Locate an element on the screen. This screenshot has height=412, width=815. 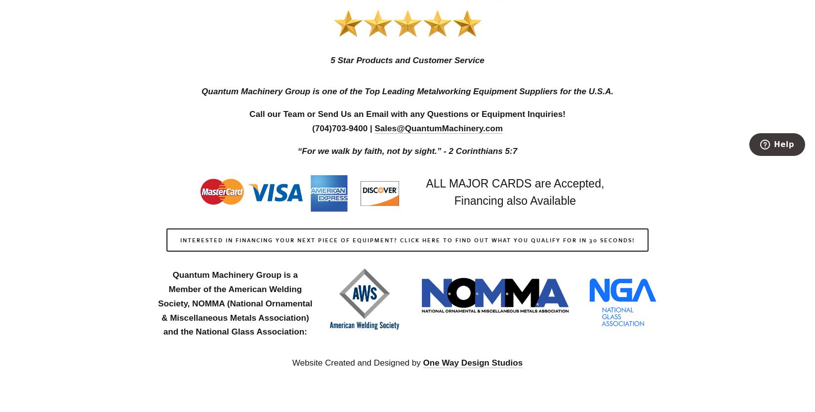
'Sales@QuantumMachinery.com' is located at coordinates (438, 127).